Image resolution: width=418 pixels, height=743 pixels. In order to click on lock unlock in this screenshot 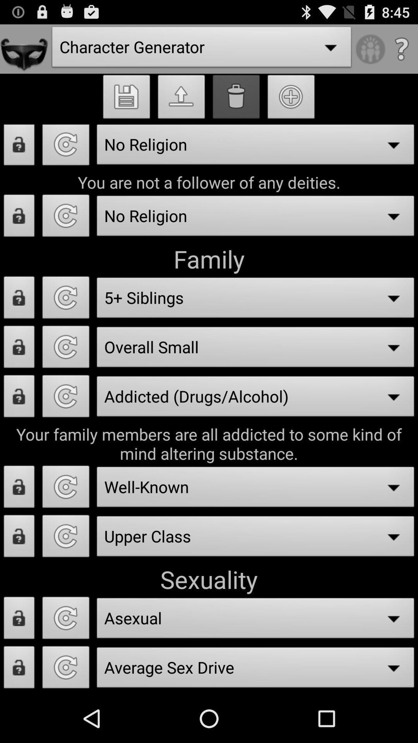, I will do `click(19, 299)`.